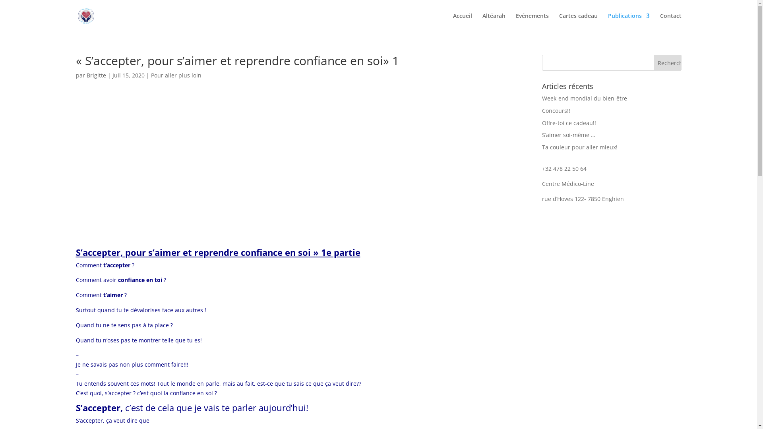 The width and height of the screenshot is (763, 429). Describe the element at coordinates (462, 22) in the screenshot. I see `'Accueil'` at that location.